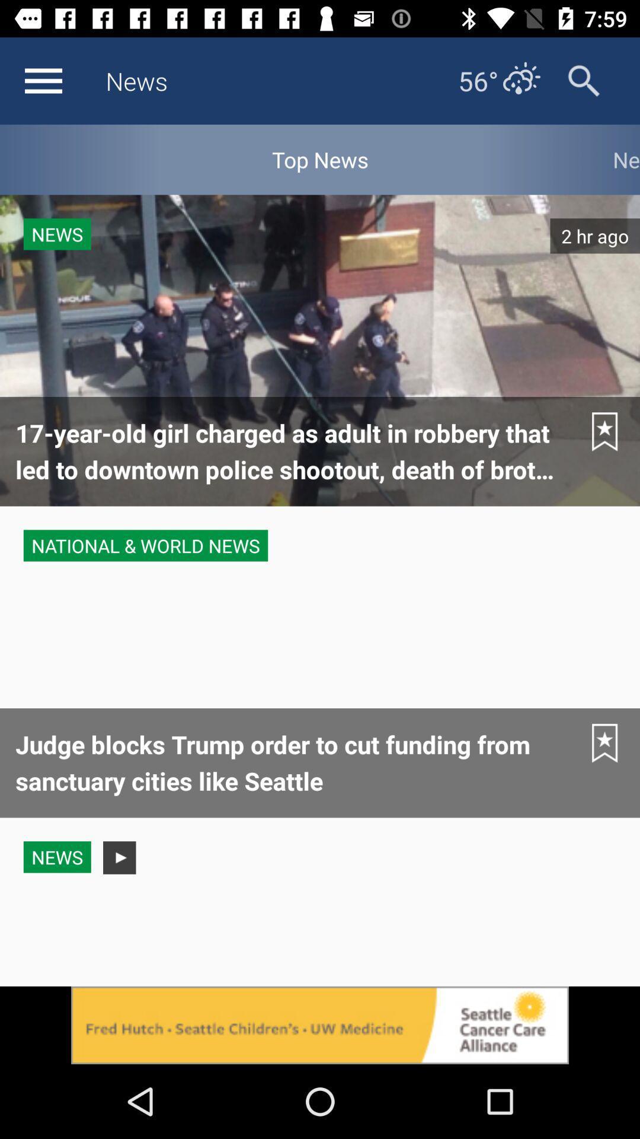  Describe the element at coordinates (583, 80) in the screenshot. I see `search news` at that location.